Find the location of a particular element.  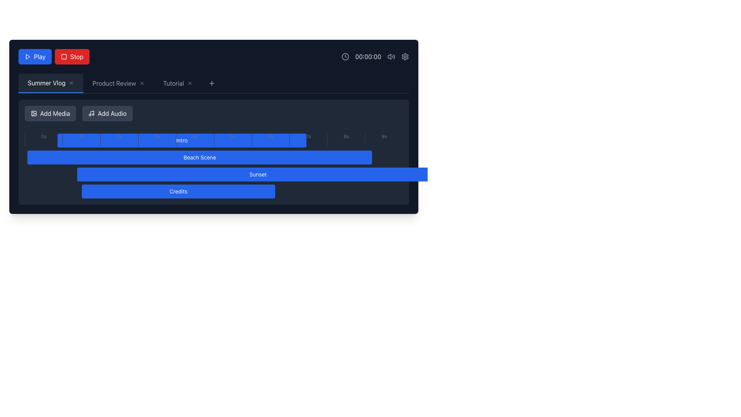

the Play icon, which is located in the top-left section of the interface and is designed to initiate playback of a media sequence is located at coordinates (28, 56).